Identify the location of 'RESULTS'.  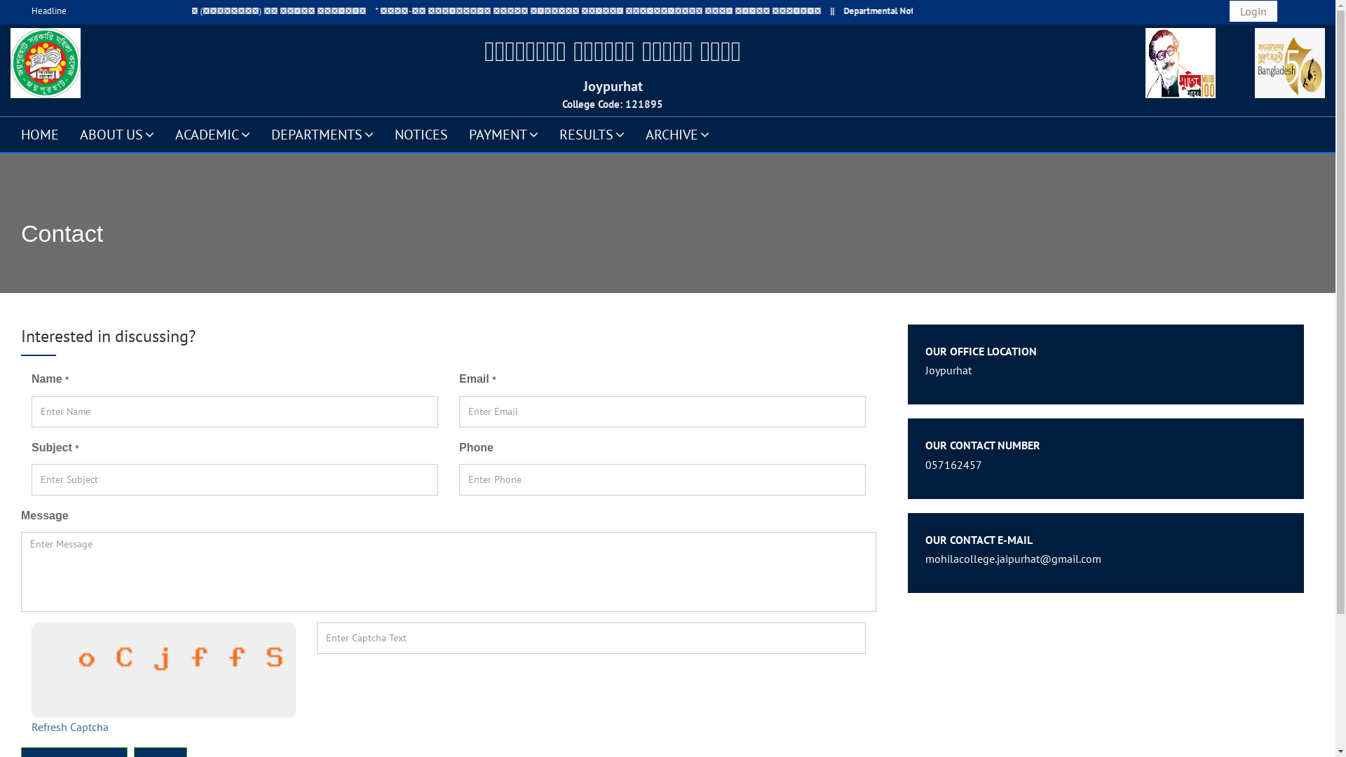
(592, 134).